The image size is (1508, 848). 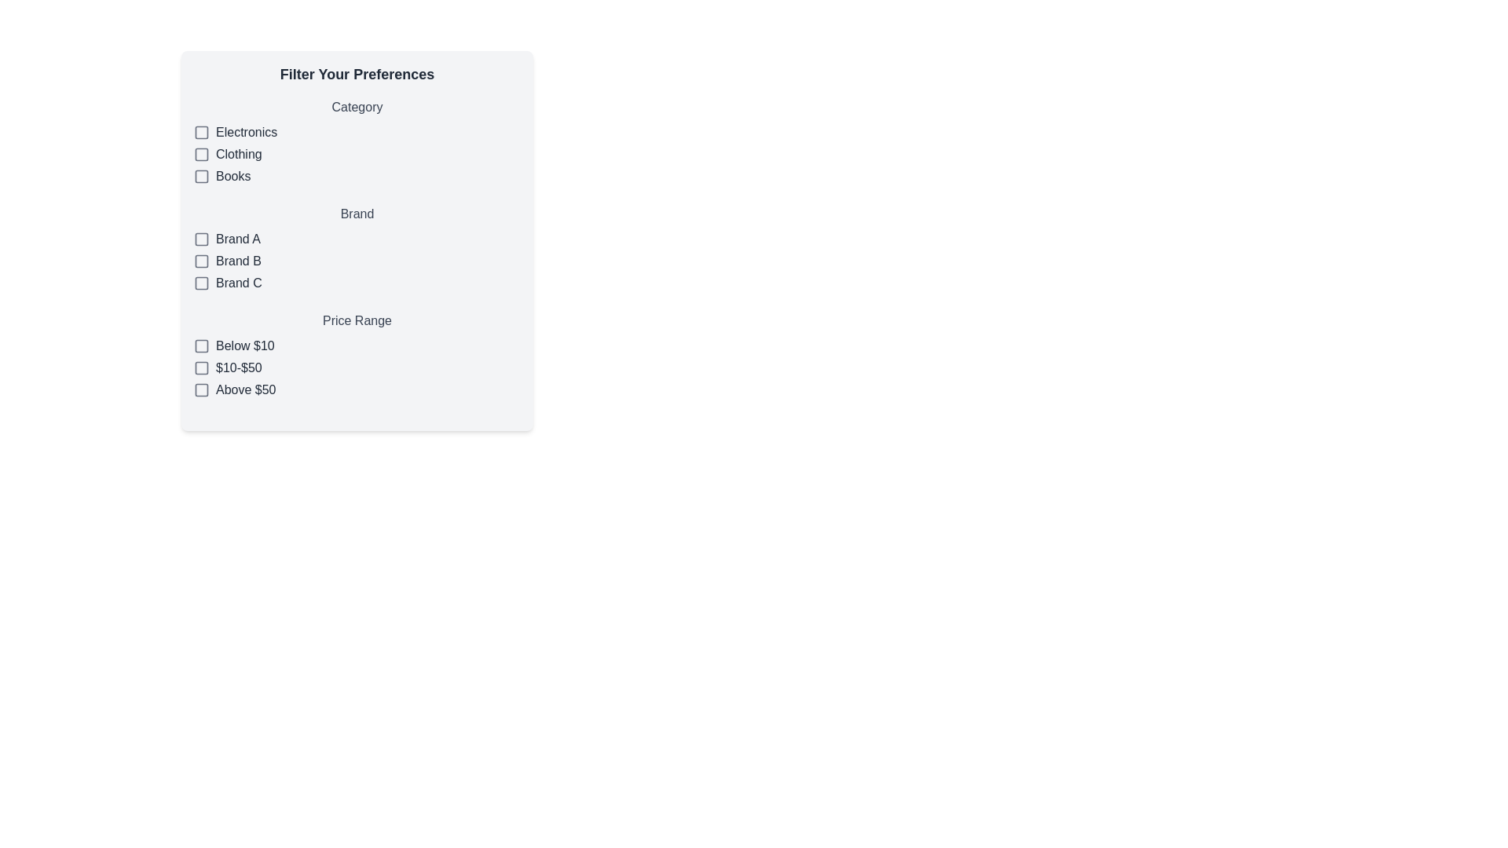 What do you see at coordinates (201, 239) in the screenshot?
I see `the checkbox for 'Brand A'` at bounding box center [201, 239].